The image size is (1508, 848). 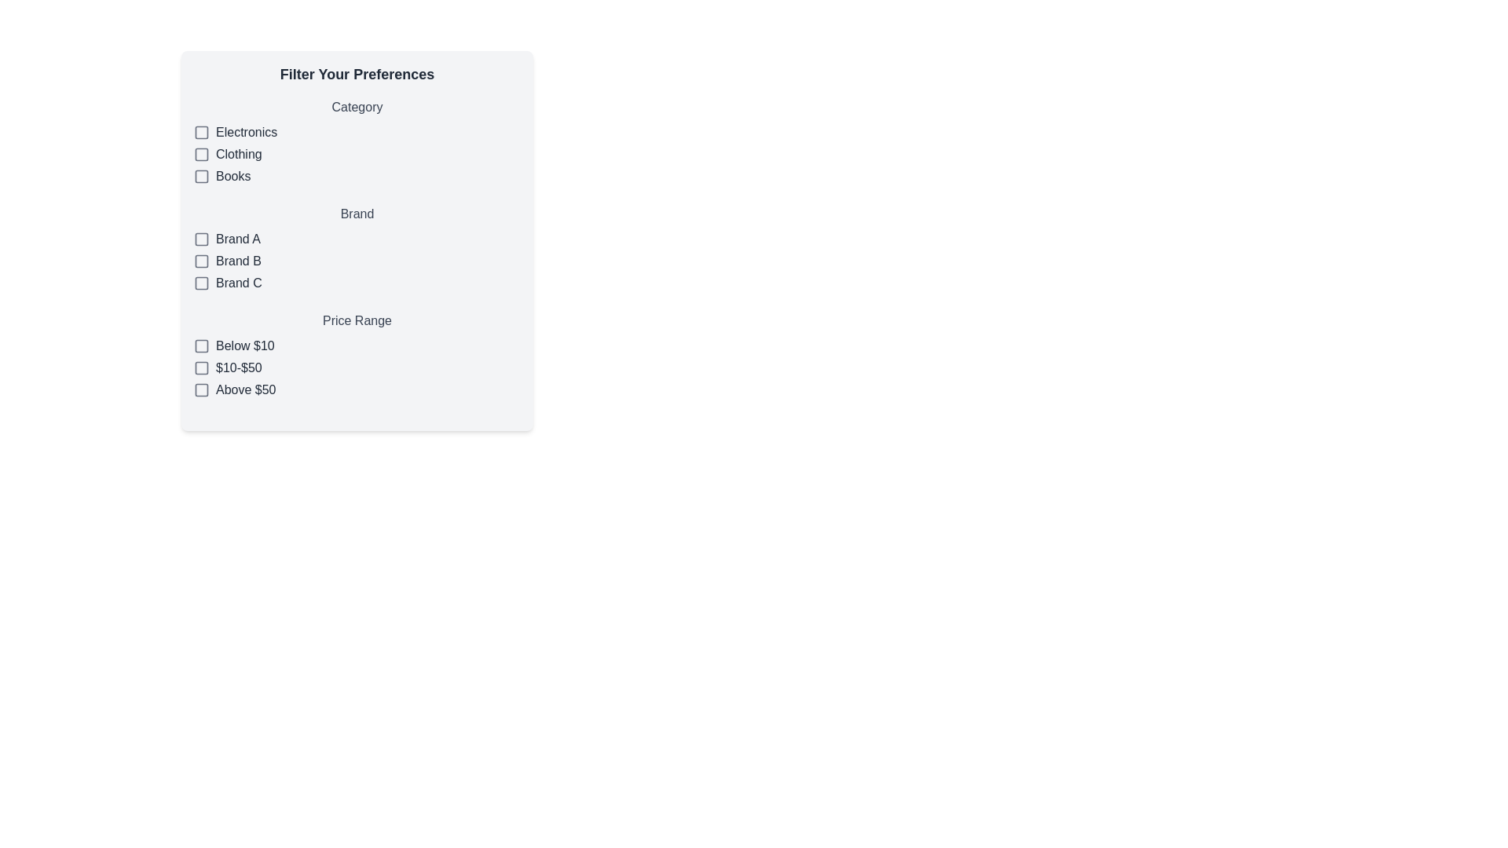 What do you see at coordinates (201, 239) in the screenshot?
I see `the checkbox for 'Brand A'` at bounding box center [201, 239].